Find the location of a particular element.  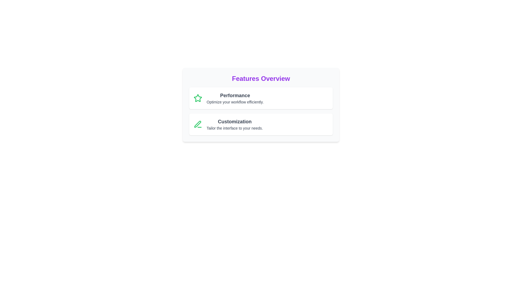

the 'Performance' text block, which features a bold title and smaller explanation text, located in the top card of the vertically stacked layout is located at coordinates (235, 98).